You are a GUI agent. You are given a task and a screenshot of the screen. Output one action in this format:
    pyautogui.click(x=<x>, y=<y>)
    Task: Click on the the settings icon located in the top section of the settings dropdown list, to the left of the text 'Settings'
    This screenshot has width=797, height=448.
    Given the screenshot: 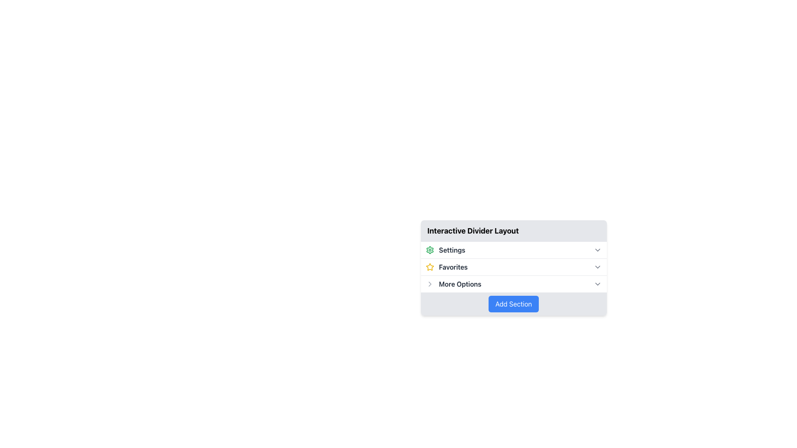 What is the action you would take?
    pyautogui.click(x=430, y=249)
    